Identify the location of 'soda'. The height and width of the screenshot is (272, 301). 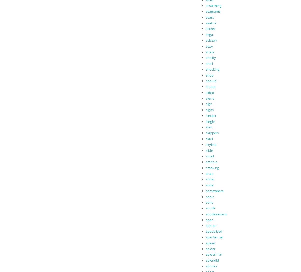
(209, 185).